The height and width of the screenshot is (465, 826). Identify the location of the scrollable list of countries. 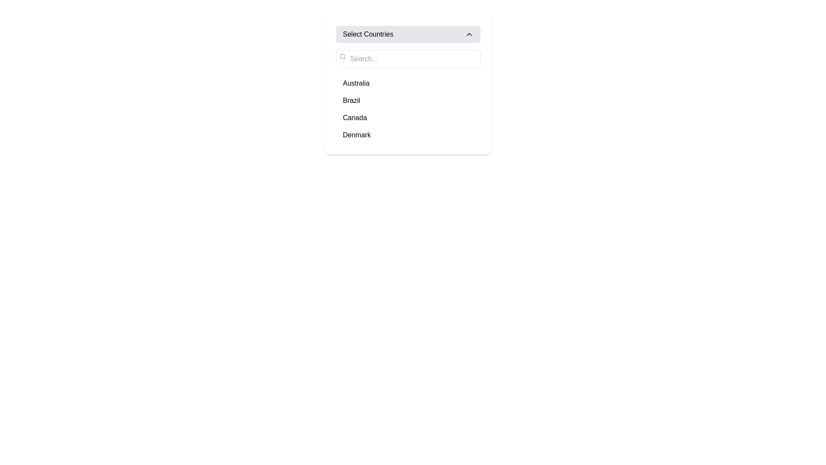
(408, 109).